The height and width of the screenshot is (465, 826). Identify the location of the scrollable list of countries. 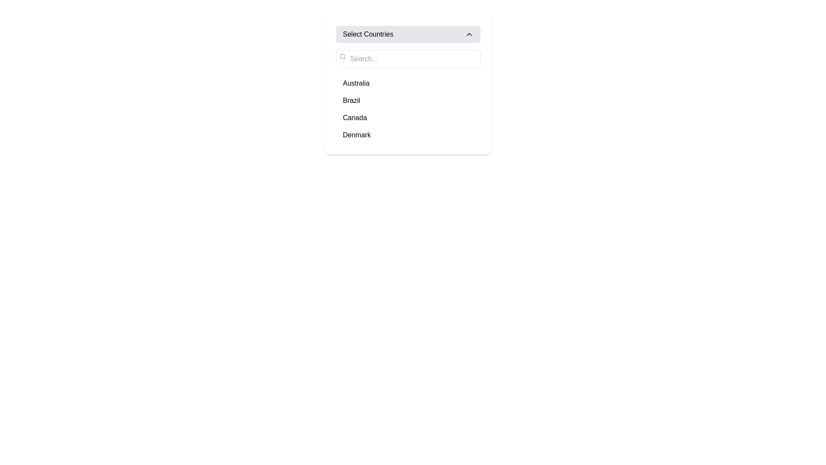
(408, 109).